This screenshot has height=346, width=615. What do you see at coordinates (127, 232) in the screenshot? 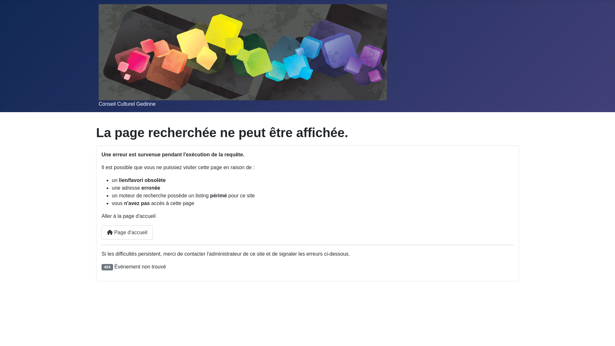
I see `'Page d'accueil'` at bounding box center [127, 232].